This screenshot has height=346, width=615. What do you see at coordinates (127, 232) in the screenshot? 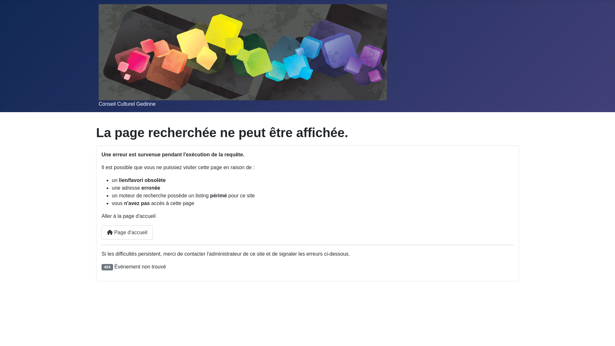
I see `'Page d'accueil'` at bounding box center [127, 232].